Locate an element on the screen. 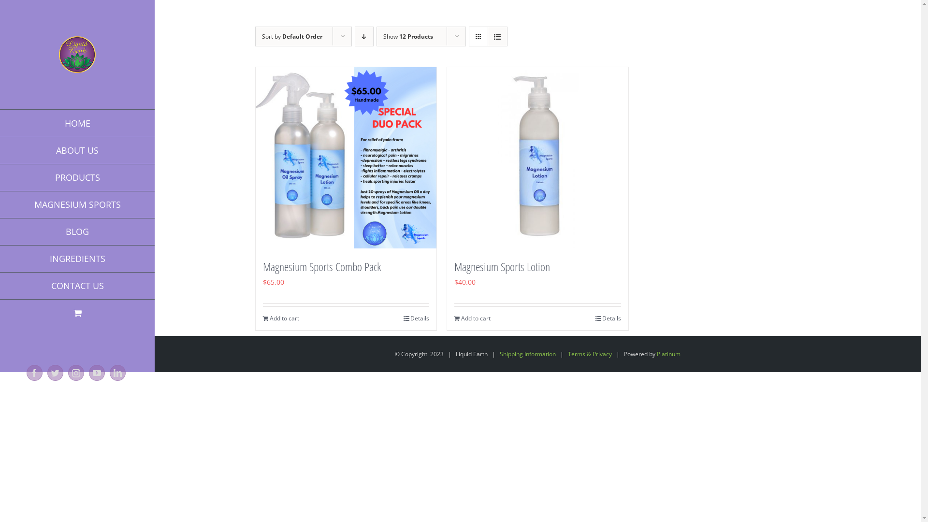 The image size is (928, 522). 'PRODUCTS' is located at coordinates (76, 177).